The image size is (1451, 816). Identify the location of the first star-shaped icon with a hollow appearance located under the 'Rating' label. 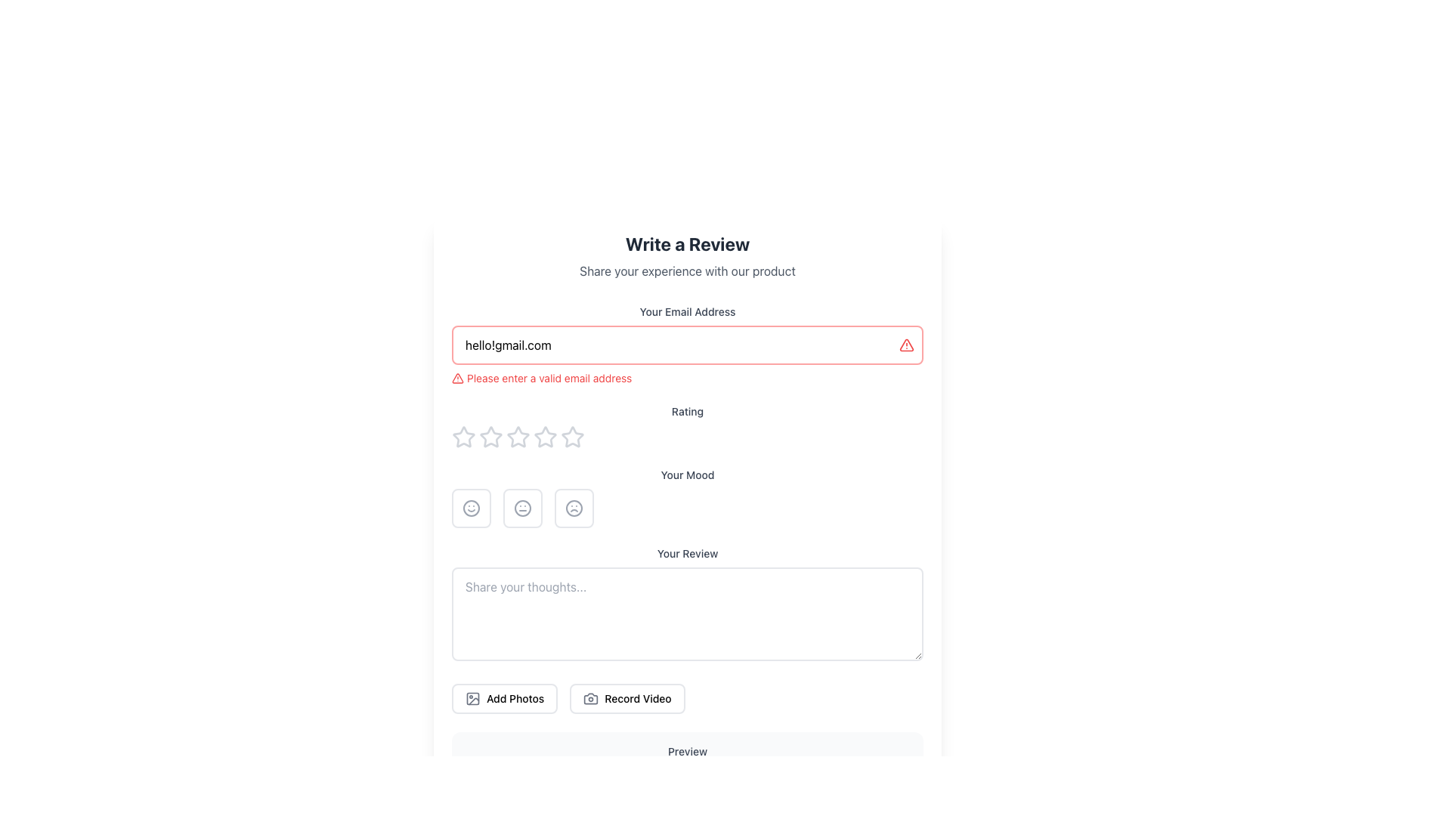
(463, 437).